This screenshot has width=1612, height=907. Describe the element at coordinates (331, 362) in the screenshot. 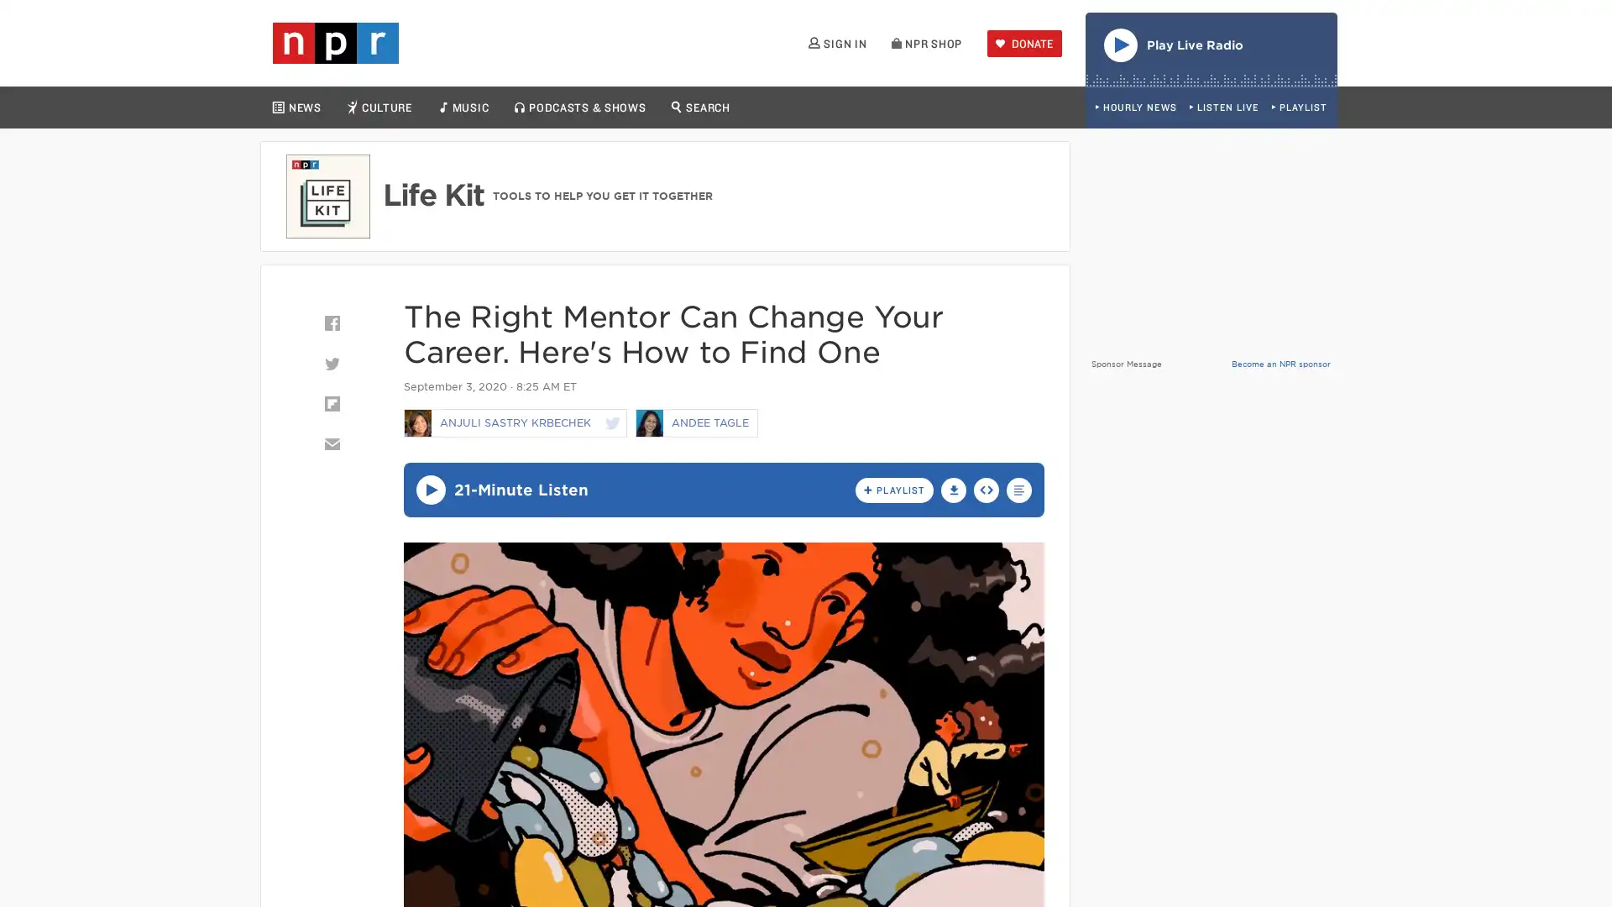

I see `Twitter` at that location.